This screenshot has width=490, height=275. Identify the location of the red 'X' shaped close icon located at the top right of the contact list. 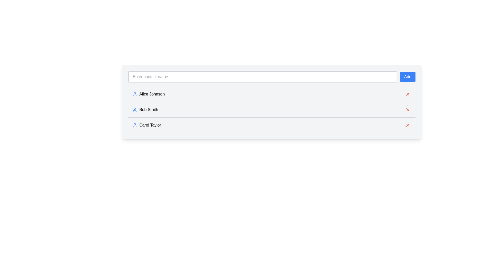
(408, 94).